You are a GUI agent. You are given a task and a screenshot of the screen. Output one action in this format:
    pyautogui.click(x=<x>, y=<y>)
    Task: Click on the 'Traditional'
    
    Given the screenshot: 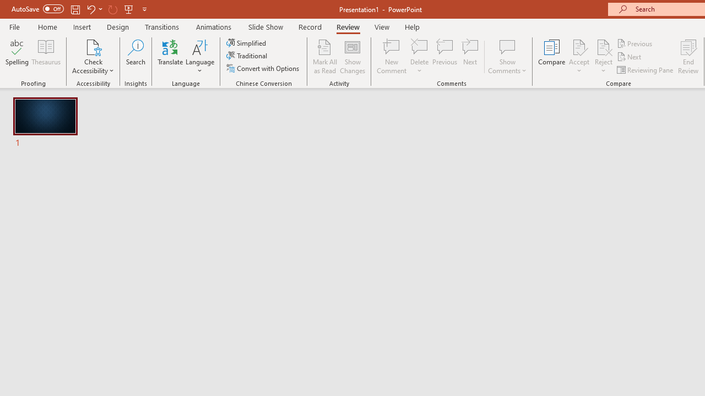 What is the action you would take?
    pyautogui.click(x=247, y=56)
    